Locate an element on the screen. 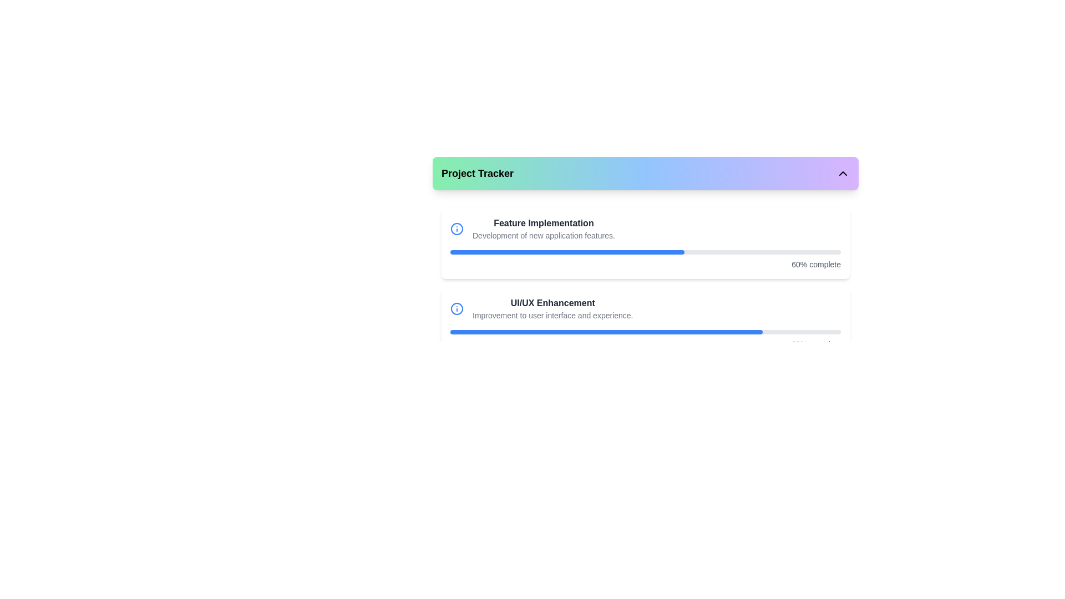 This screenshot has height=599, width=1065. the progress representation of the blue progress bar segment that fills 80% of the background bar in the 'UI/UX Enhancement' section is located at coordinates (606, 331).